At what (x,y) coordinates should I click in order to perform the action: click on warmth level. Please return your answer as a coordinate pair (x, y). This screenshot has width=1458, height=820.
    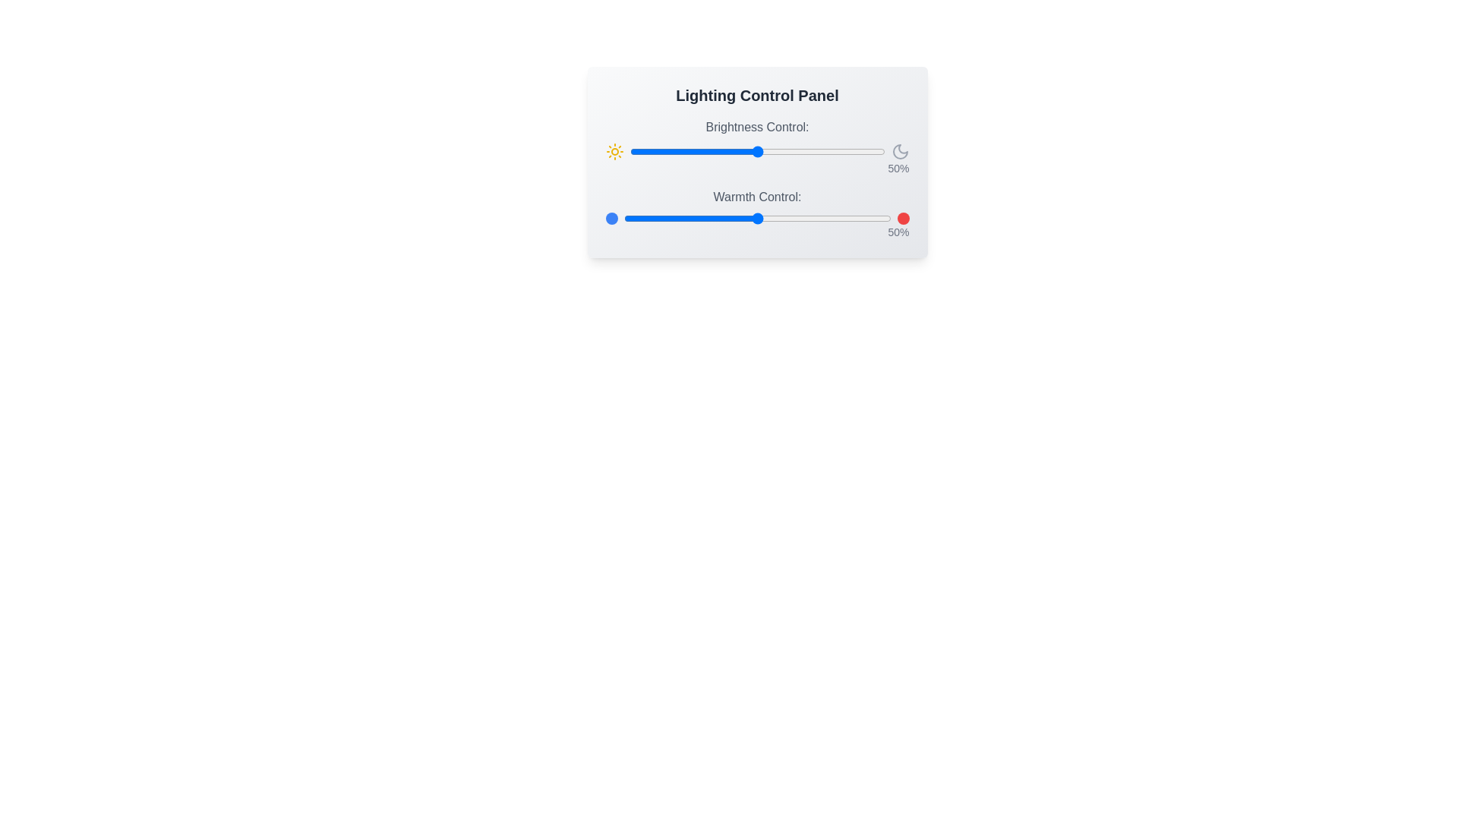
    Looking at the image, I should click on (733, 219).